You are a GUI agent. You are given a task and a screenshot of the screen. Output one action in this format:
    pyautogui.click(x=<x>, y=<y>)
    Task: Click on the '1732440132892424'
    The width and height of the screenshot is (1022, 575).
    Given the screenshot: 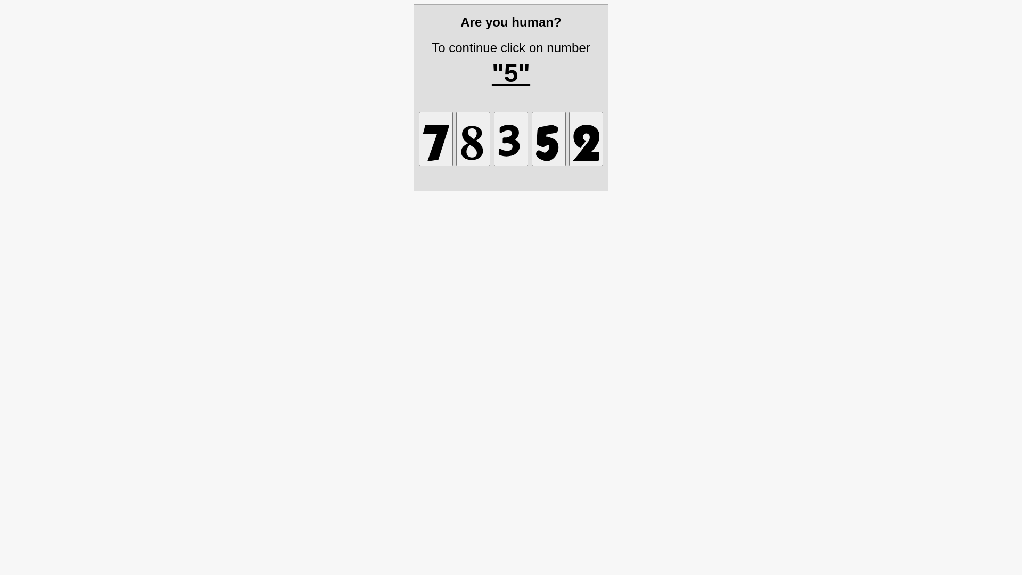 What is the action you would take?
    pyautogui.click(x=568, y=138)
    